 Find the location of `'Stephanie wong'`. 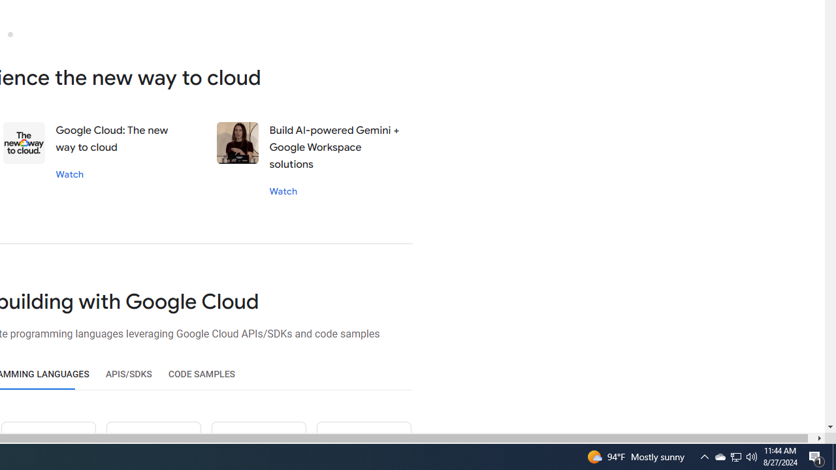

'Stephanie wong' is located at coordinates (238, 143).